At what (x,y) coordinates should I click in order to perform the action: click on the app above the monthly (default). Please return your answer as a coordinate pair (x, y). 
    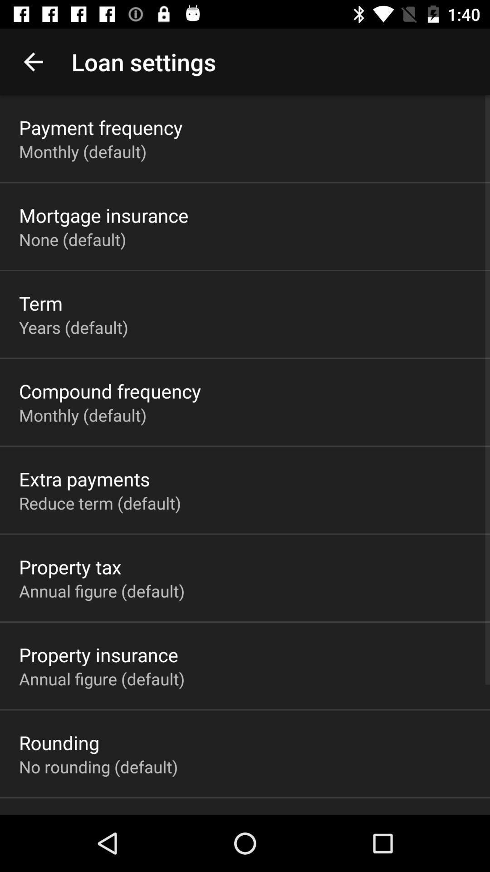
    Looking at the image, I should click on (101, 127).